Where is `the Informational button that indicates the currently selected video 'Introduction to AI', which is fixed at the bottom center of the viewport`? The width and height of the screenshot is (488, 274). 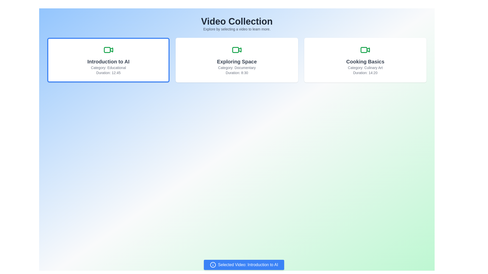 the Informational button that indicates the currently selected video 'Introduction to AI', which is fixed at the bottom center of the viewport is located at coordinates (244, 265).